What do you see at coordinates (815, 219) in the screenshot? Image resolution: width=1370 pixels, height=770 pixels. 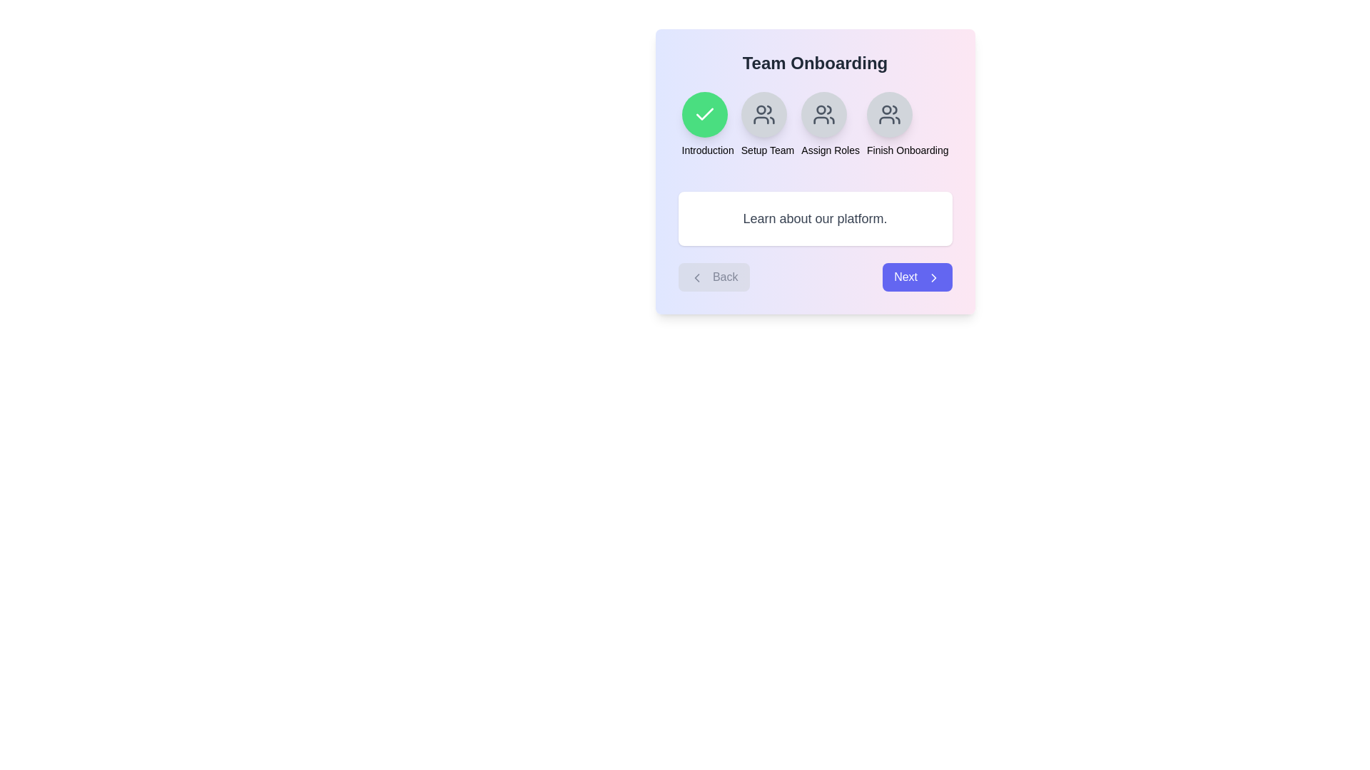 I see `the description text to interact with it` at bounding box center [815, 219].